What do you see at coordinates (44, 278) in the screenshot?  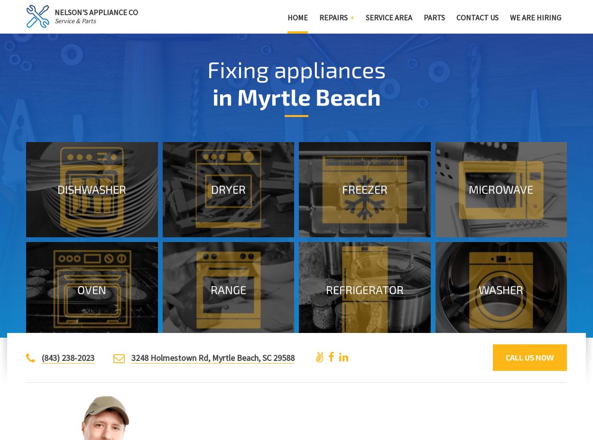 I see `'It’is always a bad time for the oven to quit working.'` at bounding box center [44, 278].